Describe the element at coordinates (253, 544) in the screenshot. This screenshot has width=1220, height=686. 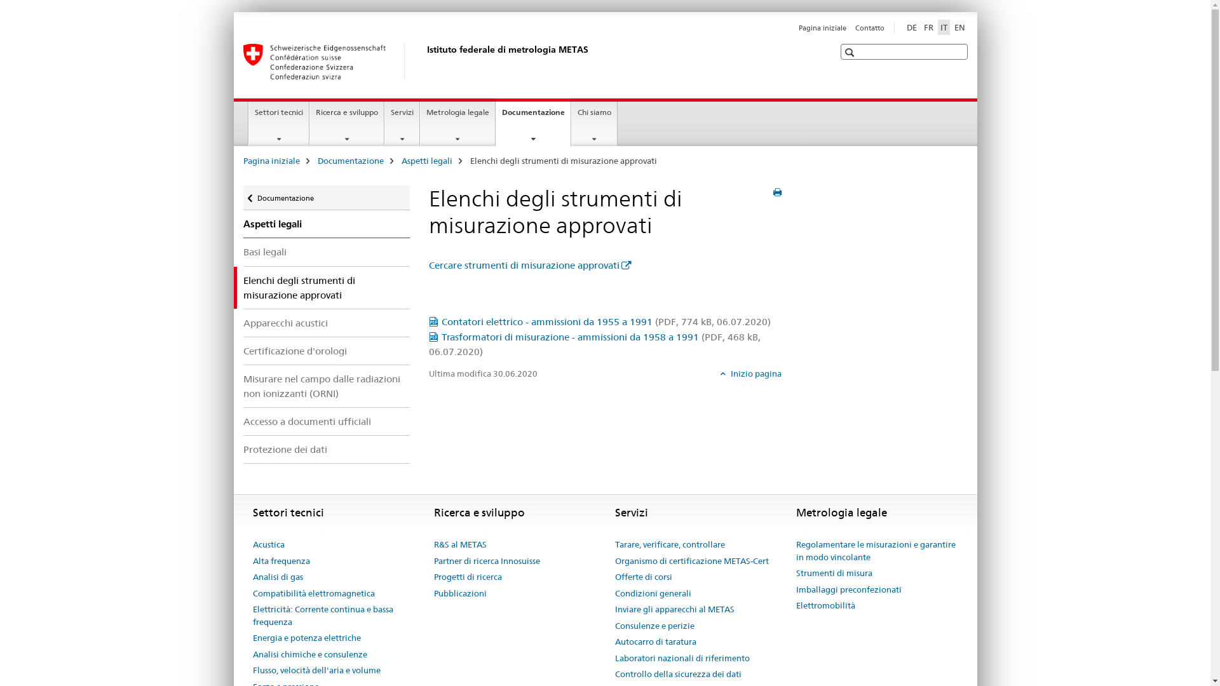
I see `'Acustica'` at that location.